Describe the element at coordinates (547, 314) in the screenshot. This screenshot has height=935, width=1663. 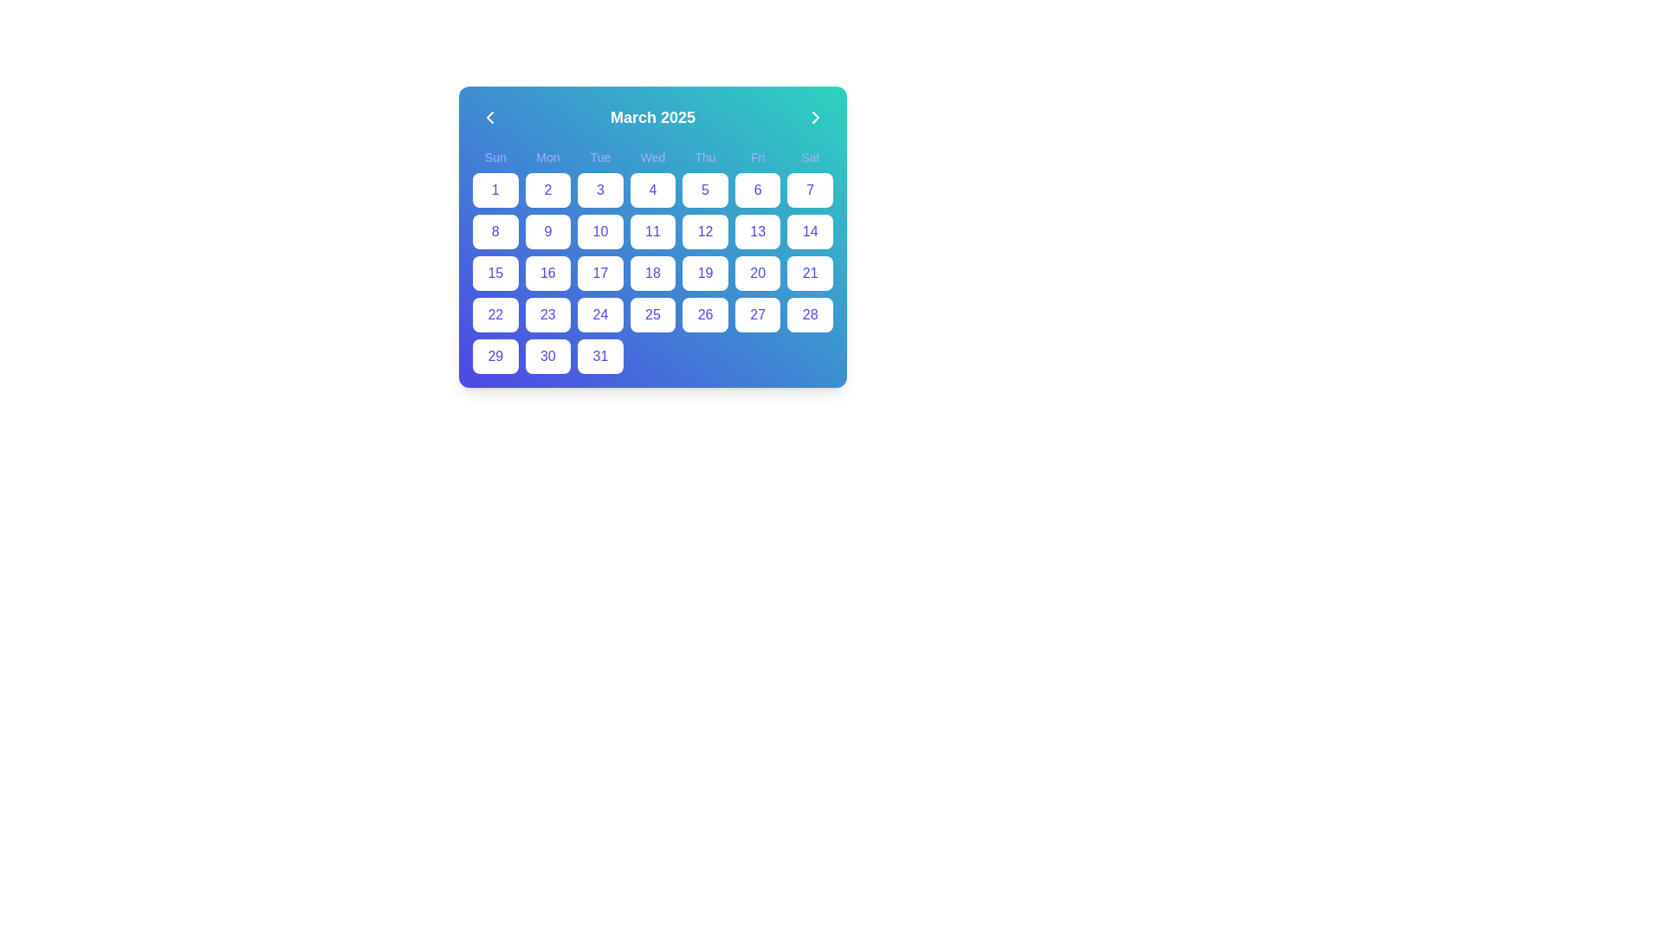
I see `the date '23' button in the monthly calendar interface` at that location.